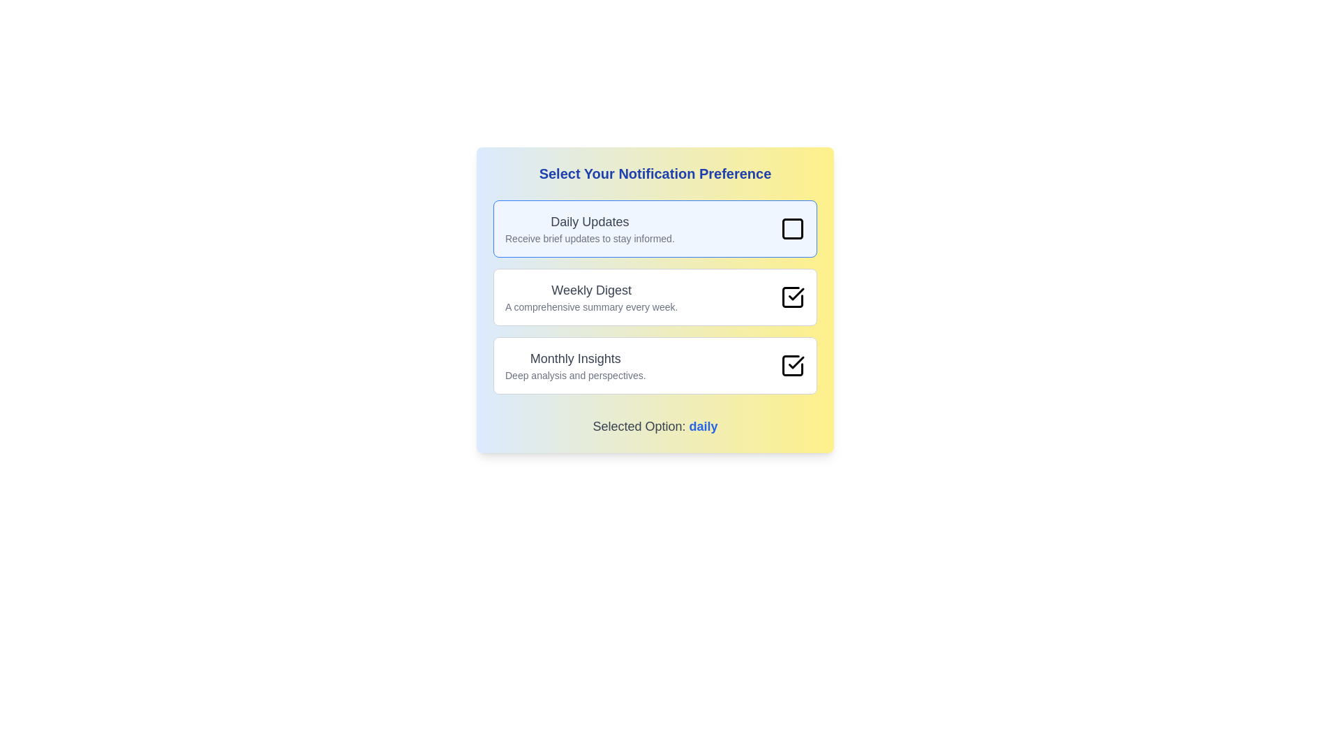  Describe the element at coordinates (793, 228) in the screenshot. I see `the small light-colored square with rounded corners located in the 'Daily Updates' section of the notification preference options` at that location.